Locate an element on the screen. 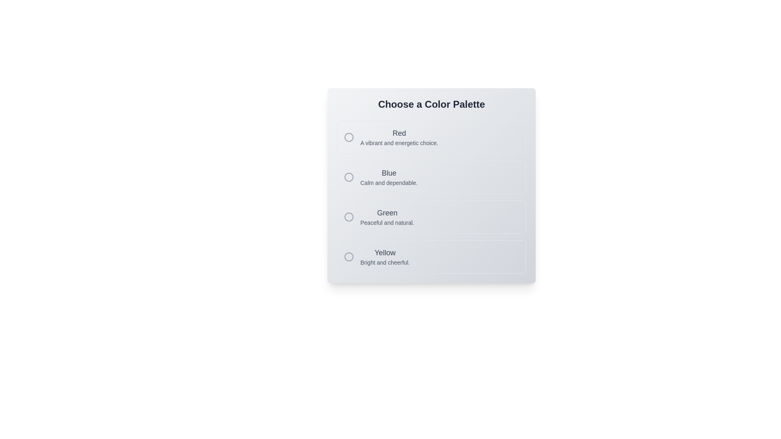 The width and height of the screenshot is (781, 439). the text label element that reads 'Calm and dependable.' which is styled in a smaller font and lighter color, positioned directly below the word 'Blue' as the second option's subtitle is located at coordinates (388, 183).